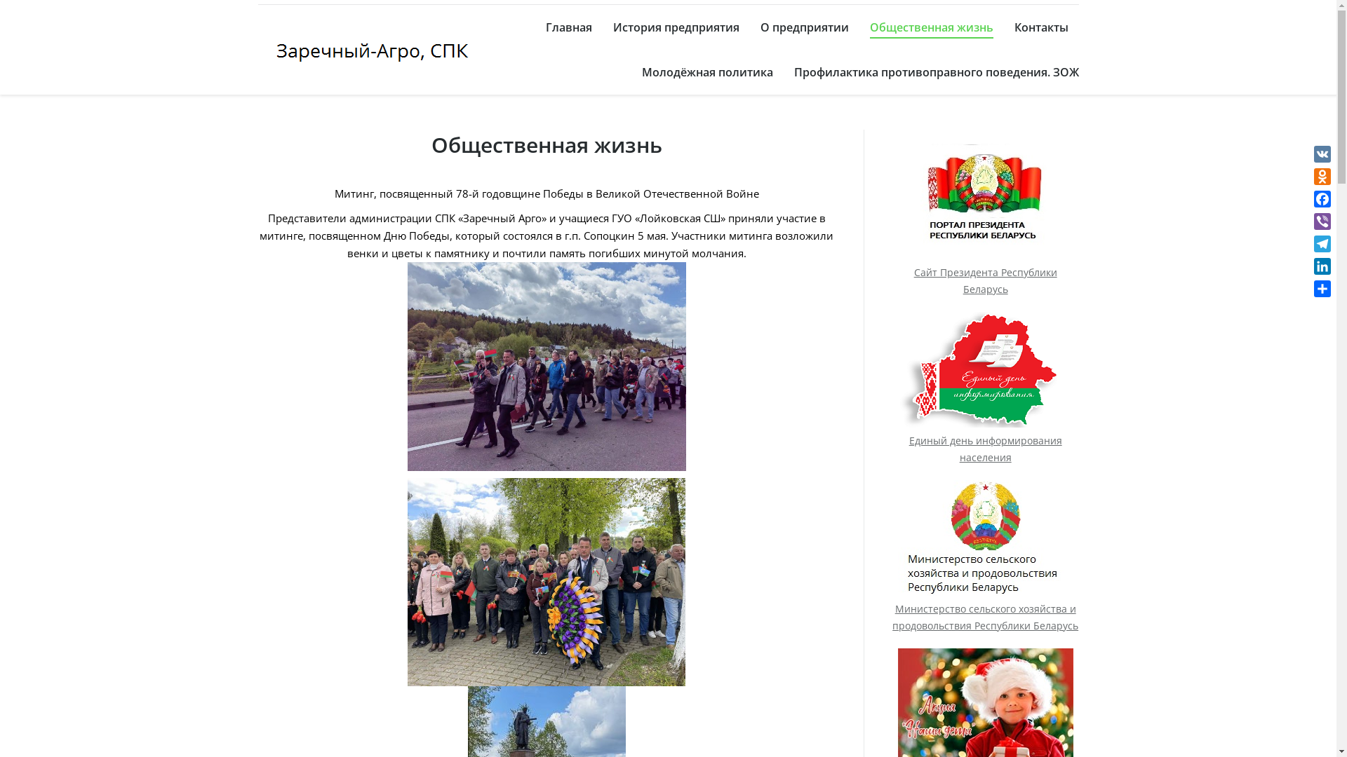 The image size is (1347, 757). Describe the element at coordinates (1322, 221) in the screenshot. I see `'Viber'` at that location.